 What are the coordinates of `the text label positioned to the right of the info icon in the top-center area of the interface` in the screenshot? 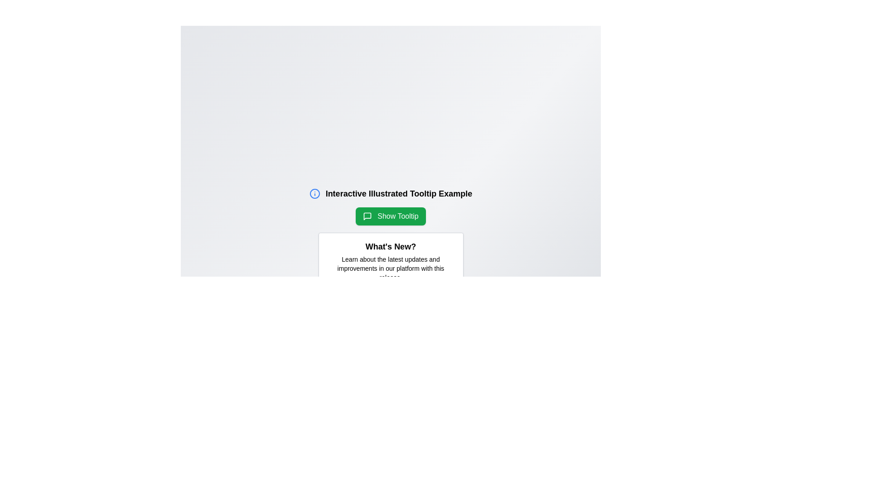 It's located at (399, 193).